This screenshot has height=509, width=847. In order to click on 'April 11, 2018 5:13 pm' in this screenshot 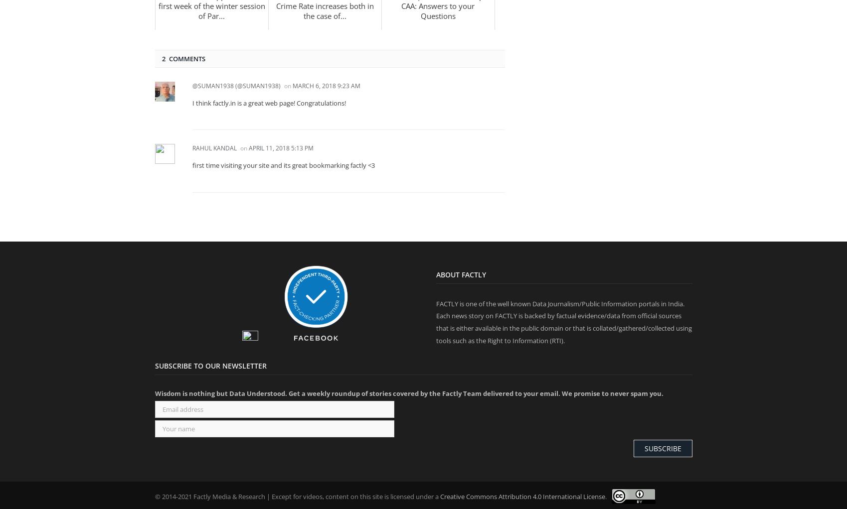, I will do `click(280, 147)`.